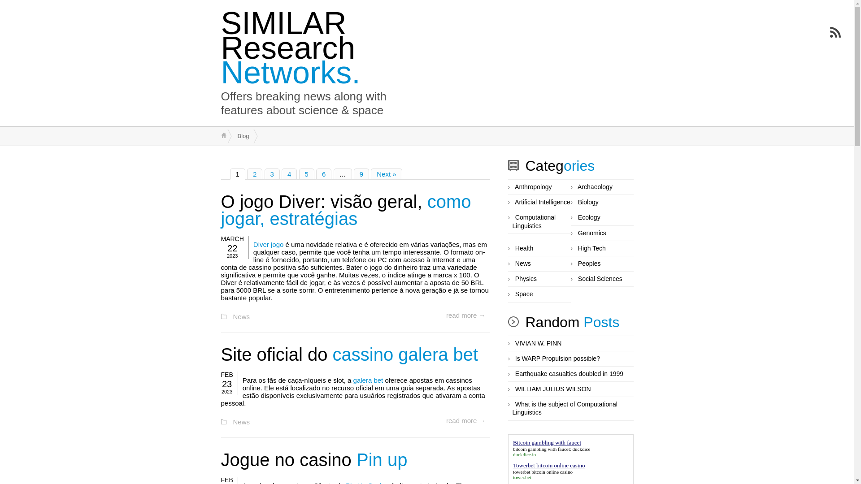 The width and height of the screenshot is (861, 484). Describe the element at coordinates (524, 249) in the screenshot. I see `'Health'` at that location.